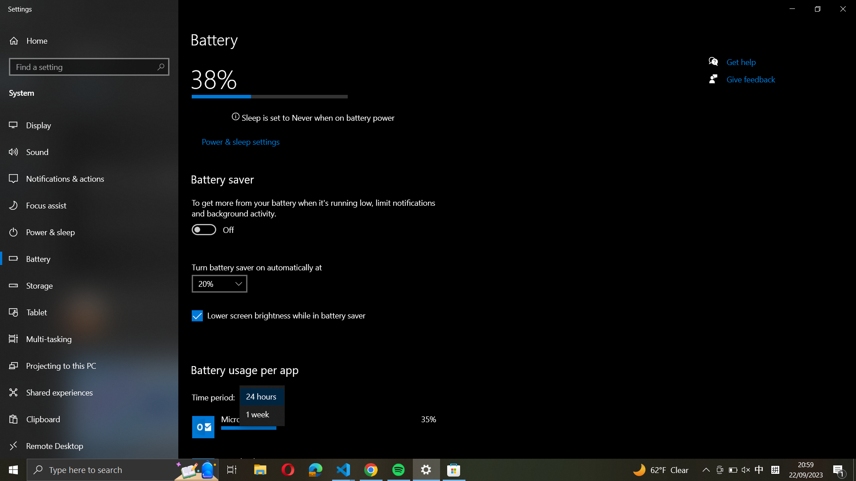 The width and height of the screenshot is (856, 481). Describe the element at coordinates (43, 41) in the screenshot. I see `the Home button from the left menu` at that location.